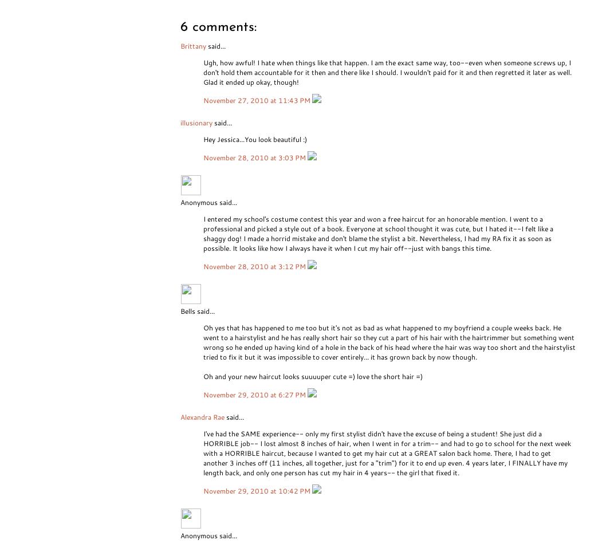 The image size is (606, 548). Describe the element at coordinates (202, 416) in the screenshot. I see `'Alexandra Rae'` at that location.